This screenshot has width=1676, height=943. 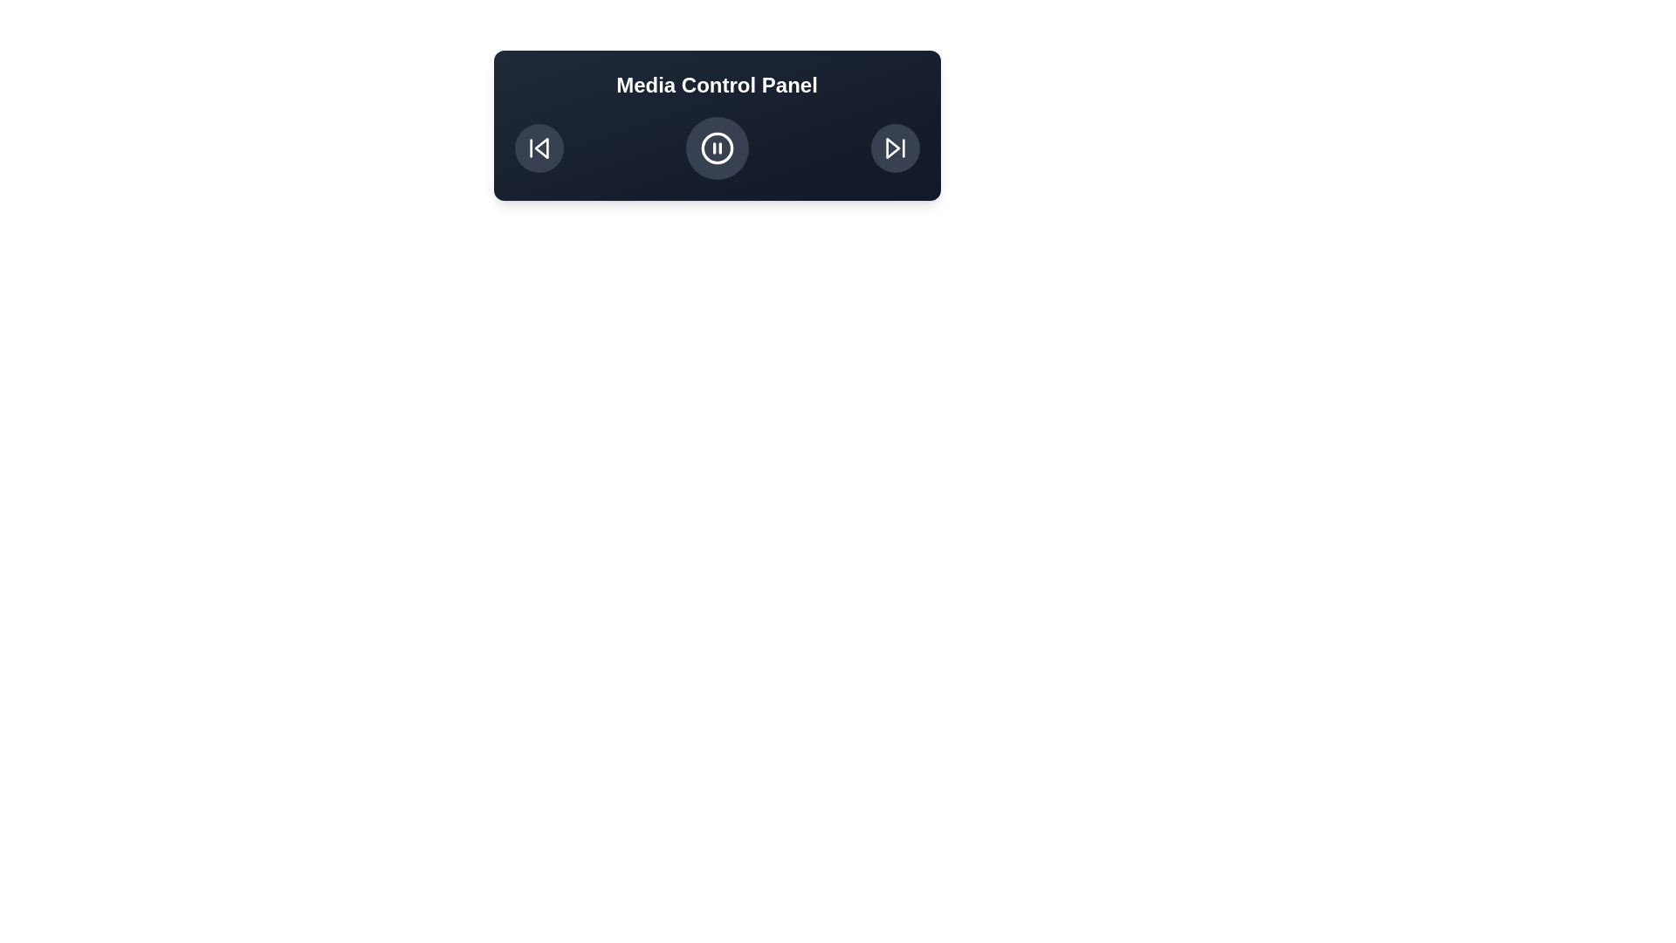 What do you see at coordinates (895, 147) in the screenshot?
I see `the 'Skip Forward' button, which is the third button in the media control panel` at bounding box center [895, 147].